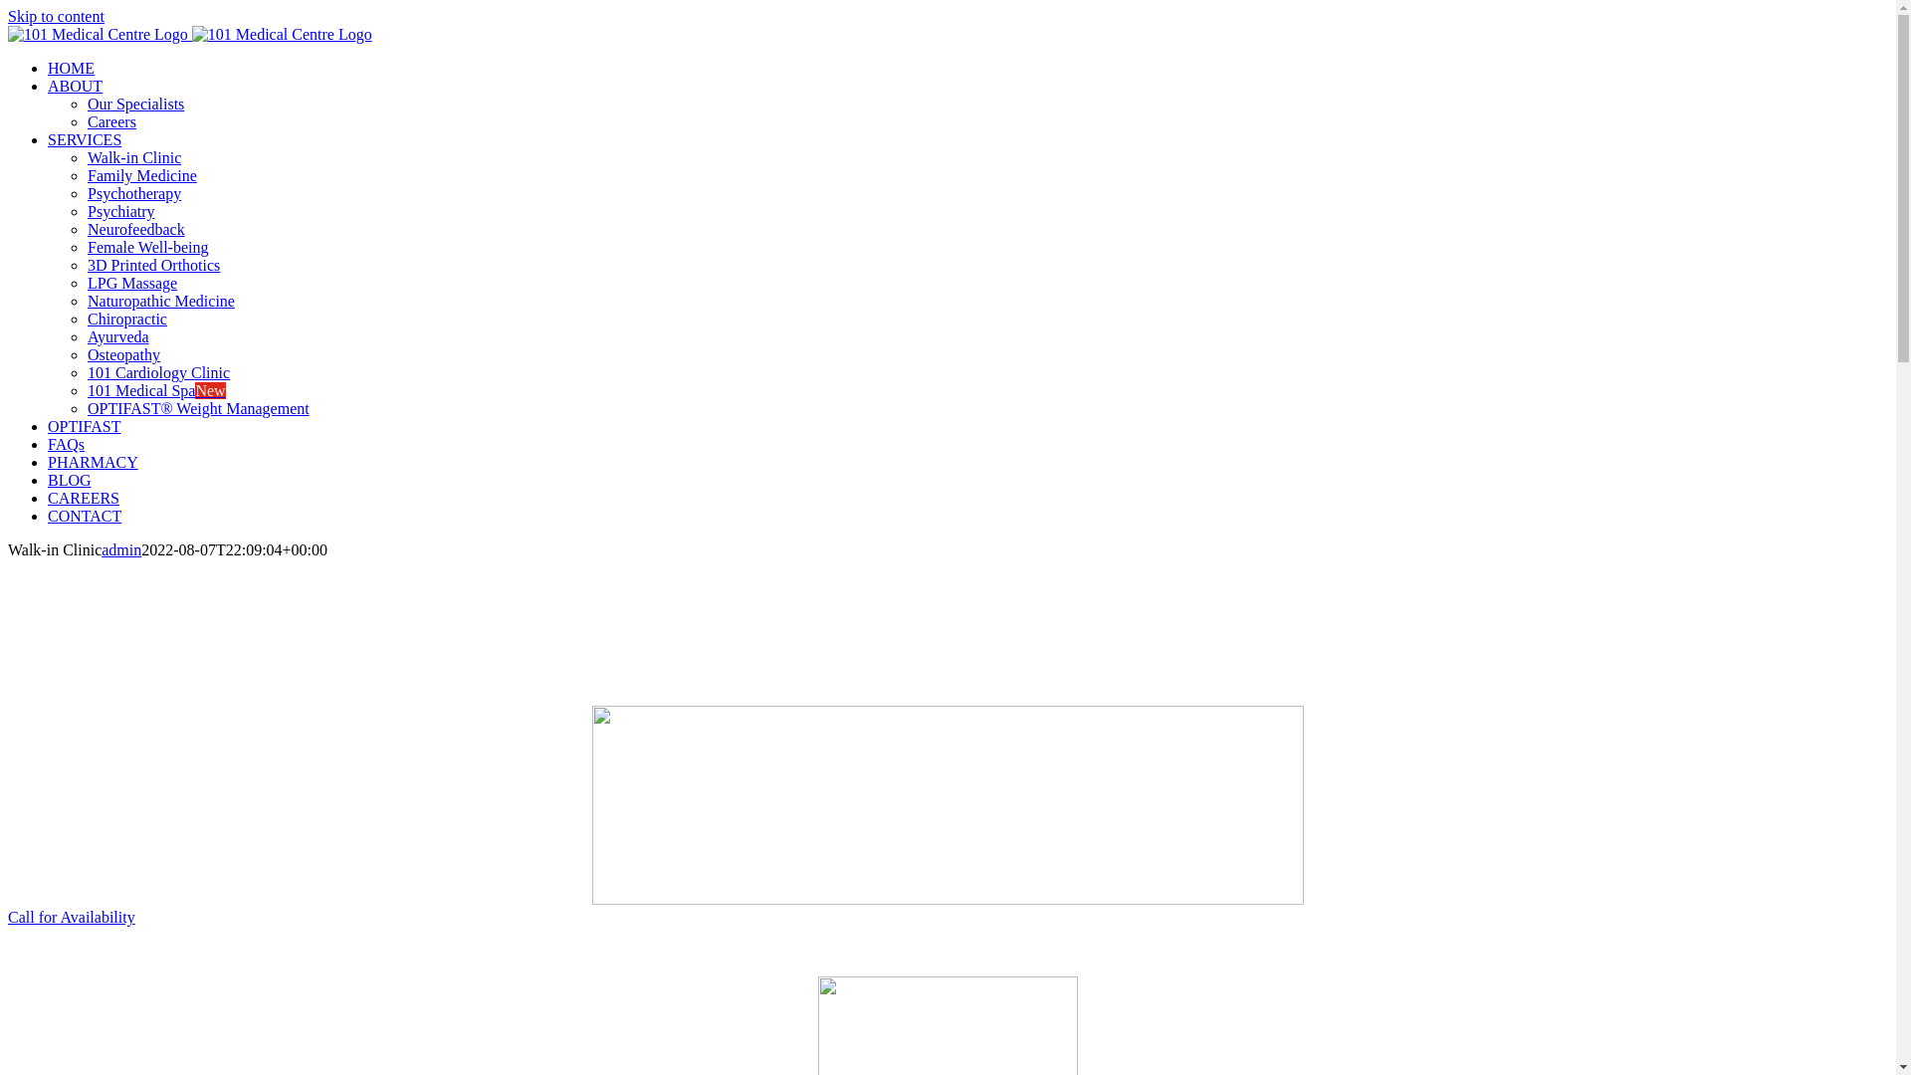 Image resolution: width=1911 pixels, height=1075 pixels. Describe the element at coordinates (161, 301) in the screenshot. I see `'Naturopathic Medicine'` at that location.